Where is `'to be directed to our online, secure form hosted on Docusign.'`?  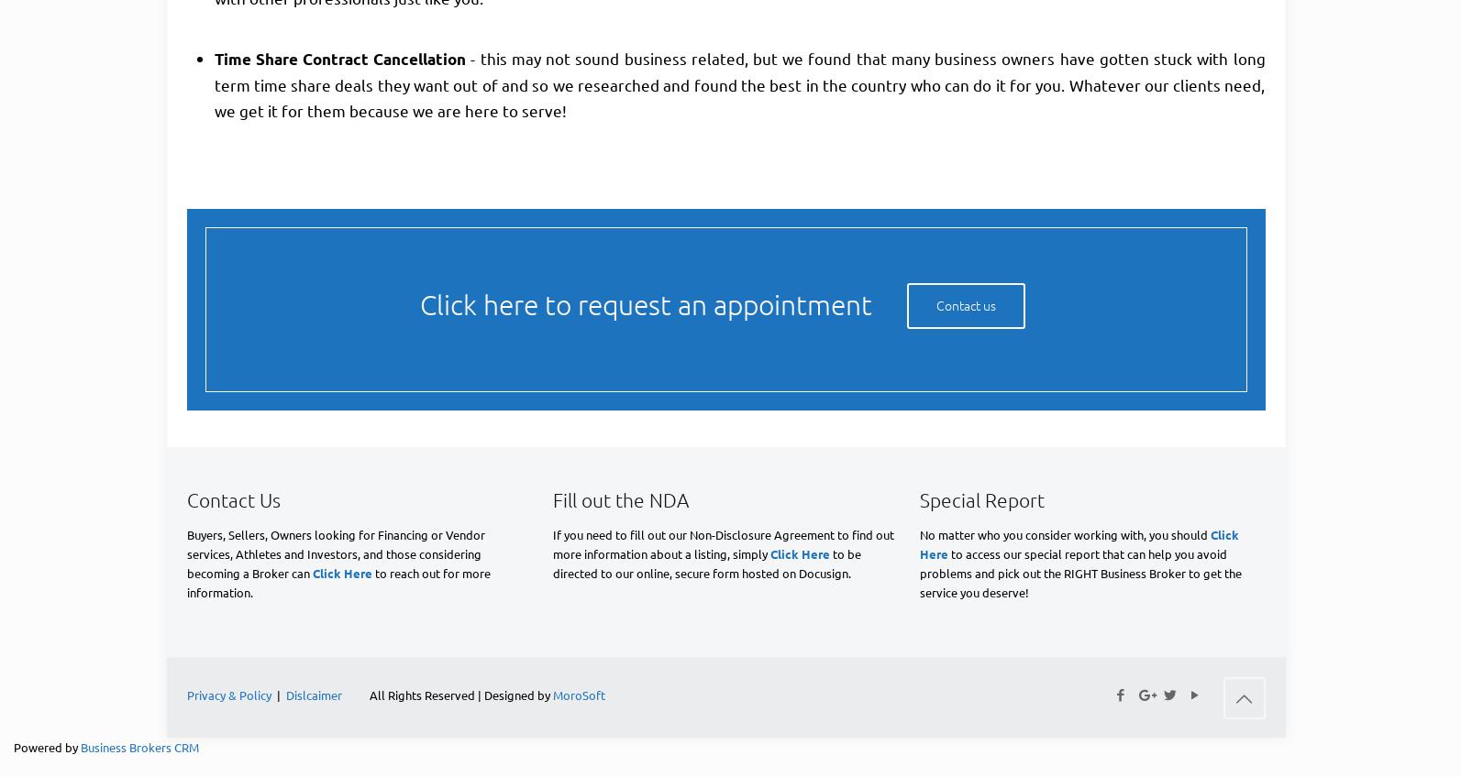
'to be directed to our online, secure form hosted on Docusign.' is located at coordinates (707, 563).